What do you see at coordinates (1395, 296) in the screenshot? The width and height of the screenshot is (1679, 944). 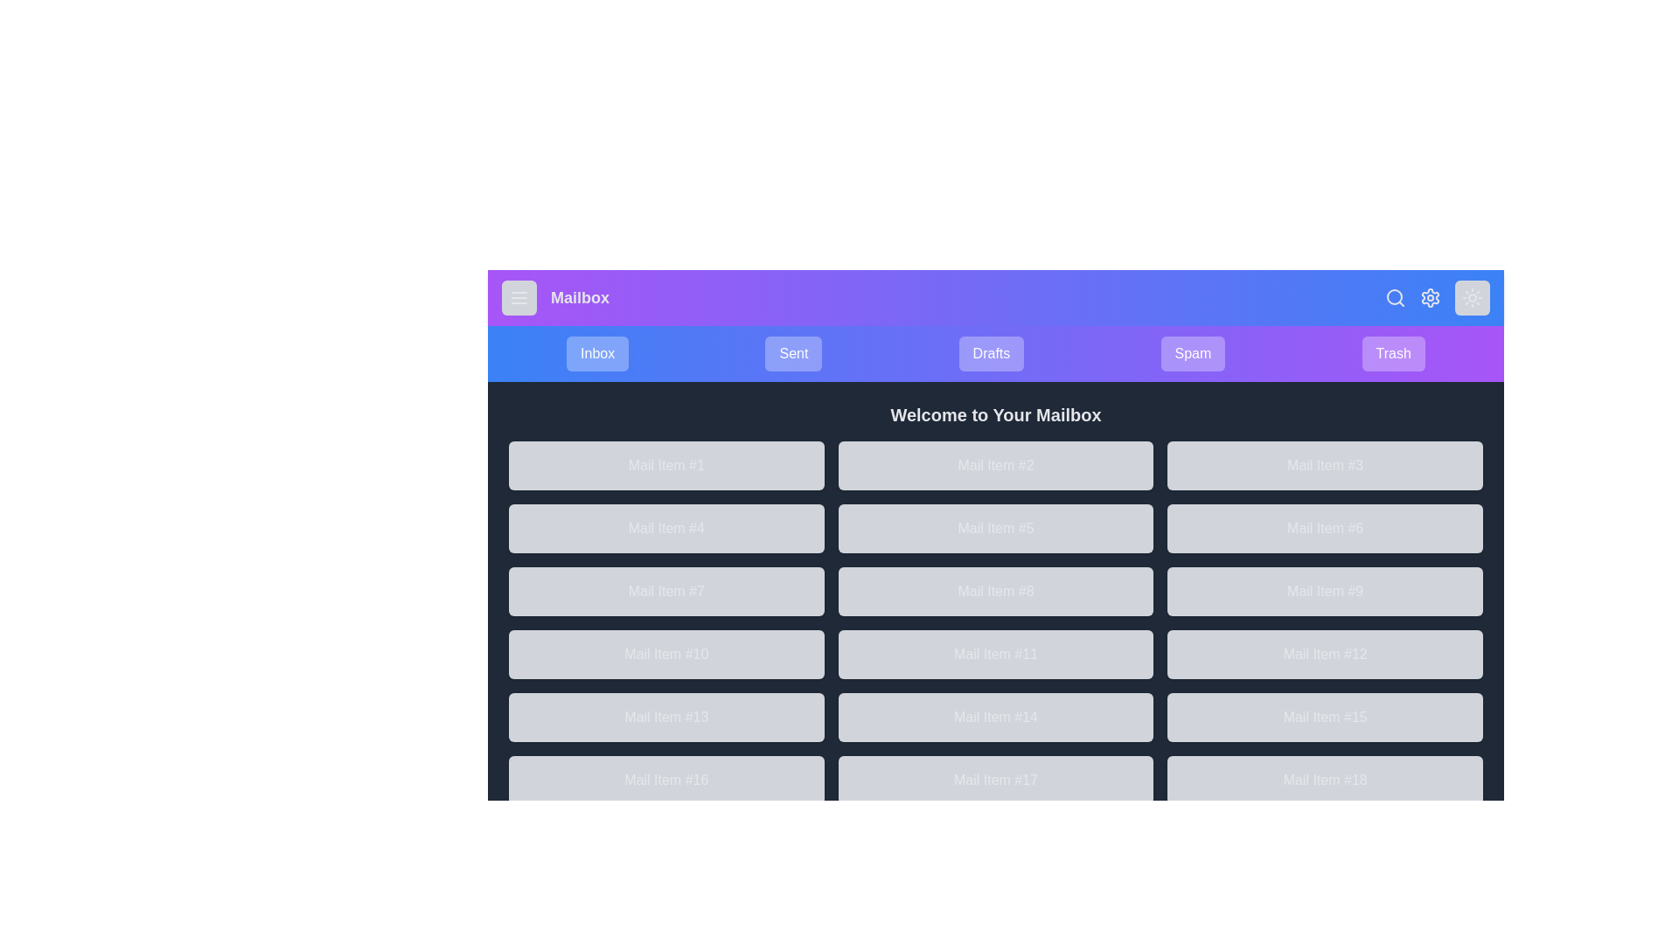 I see `the search button located in the top right corner of the app bar` at bounding box center [1395, 296].